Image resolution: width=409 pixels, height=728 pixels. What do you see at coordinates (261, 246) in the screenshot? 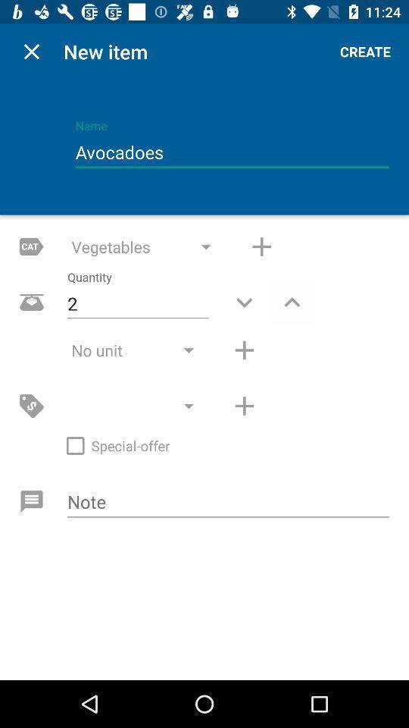
I see `increase` at bounding box center [261, 246].